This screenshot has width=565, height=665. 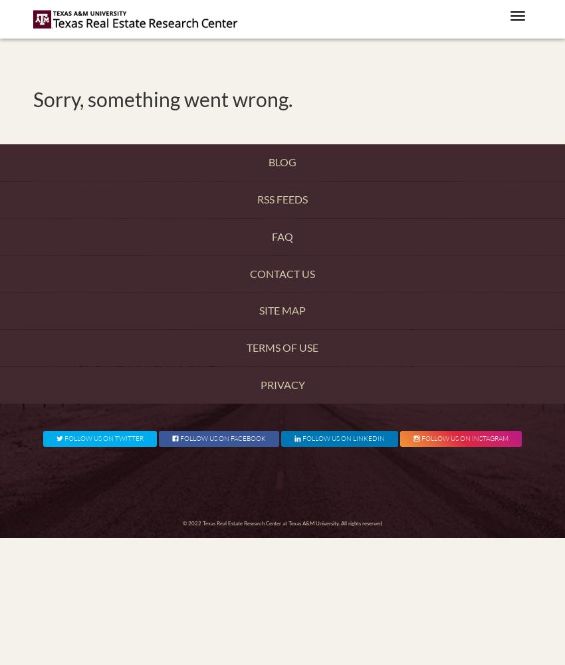 What do you see at coordinates (269, 161) in the screenshot?
I see `'Blog'` at bounding box center [269, 161].